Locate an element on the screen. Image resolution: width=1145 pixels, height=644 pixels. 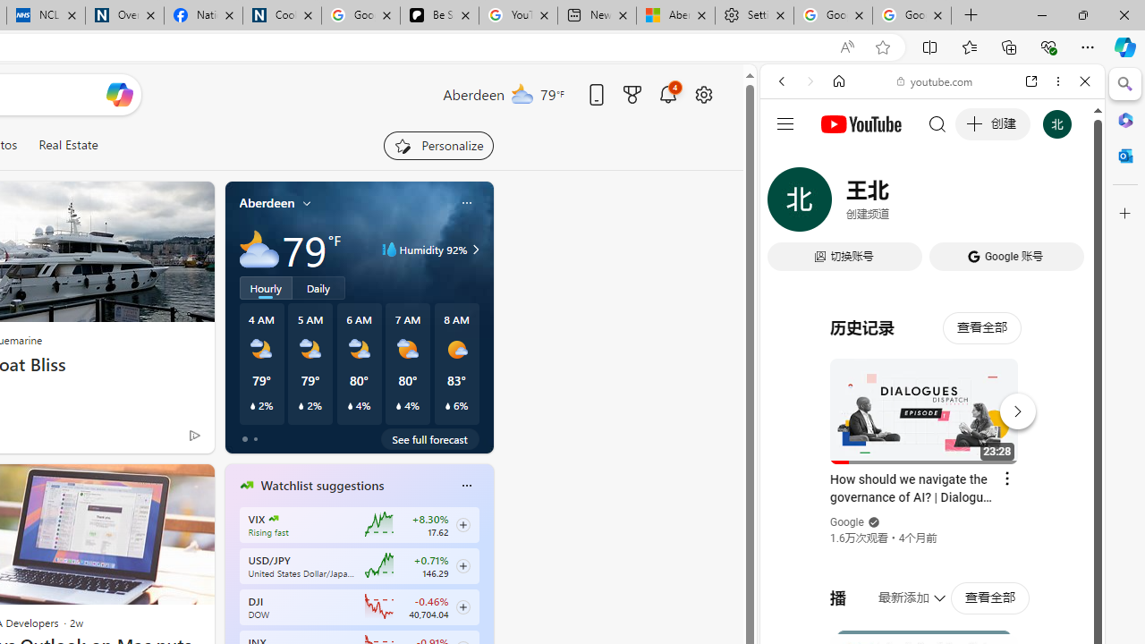
'Be Smart | creating Science videos | Patreon' is located at coordinates (439, 15).